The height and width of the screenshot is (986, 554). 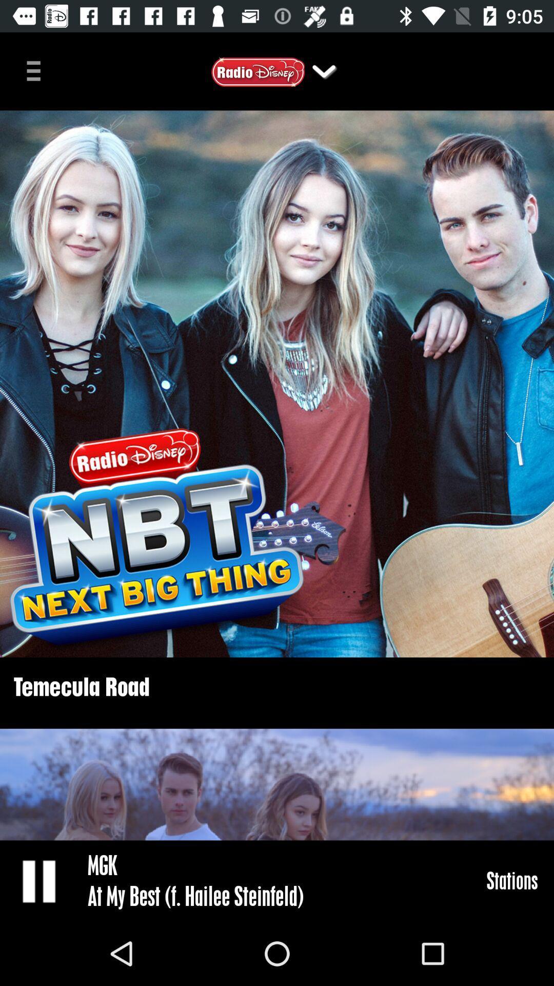 I want to click on stations, so click(x=512, y=880).